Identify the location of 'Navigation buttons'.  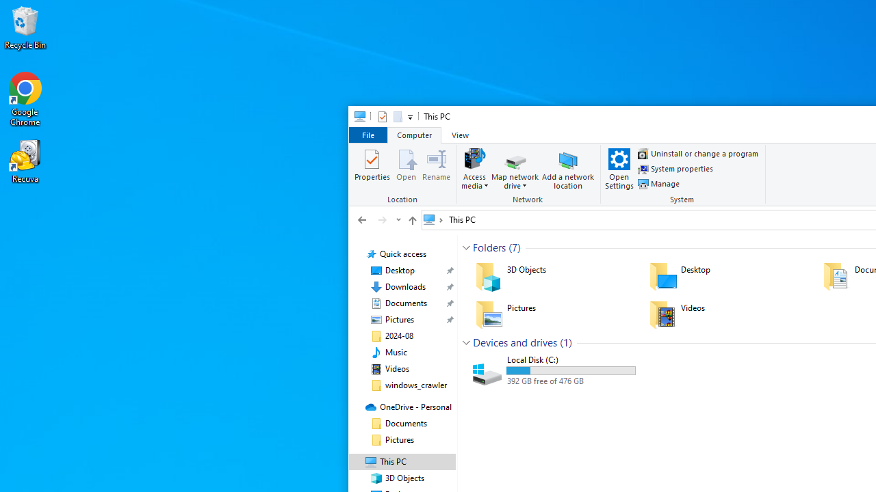
(378, 219).